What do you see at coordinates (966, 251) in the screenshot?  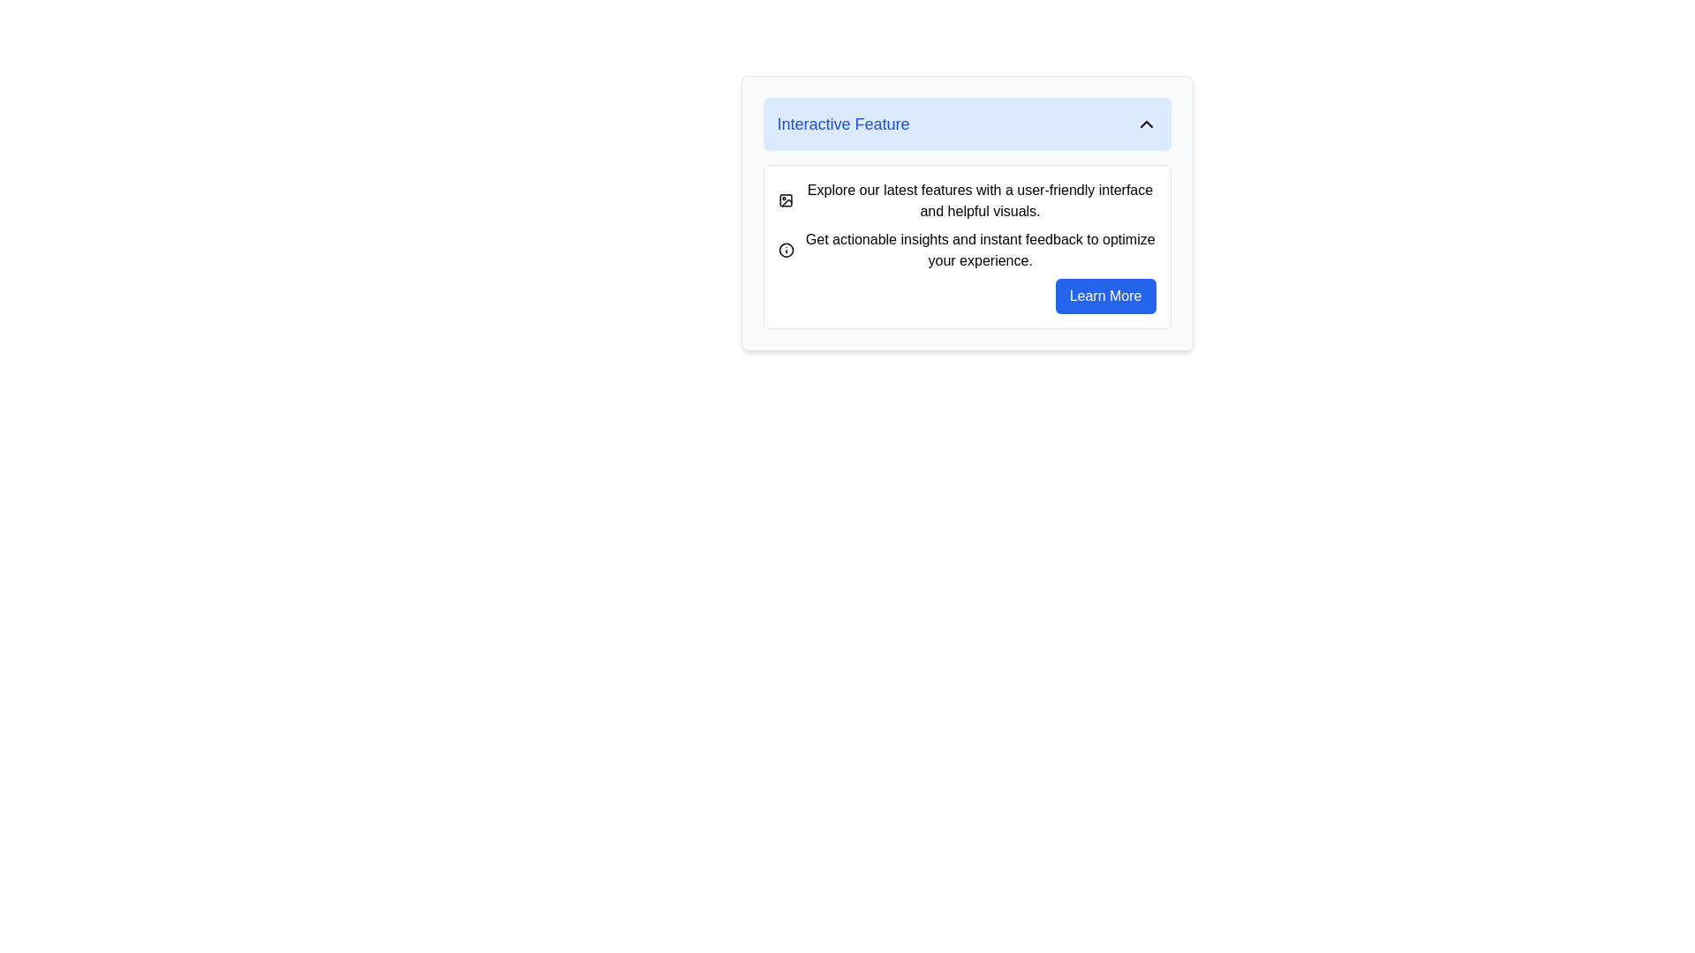 I see `the informational icon located below the first text block and above the 'Learn More' button to provide users with additional details` at bounding box center [966, 251].